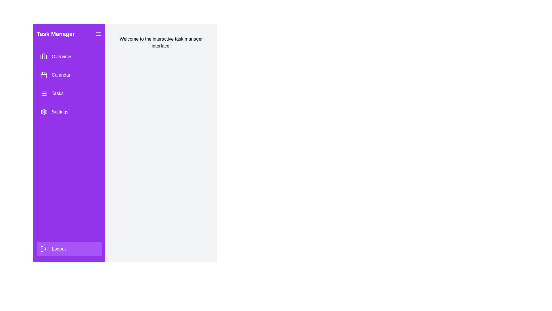 The width and height of the screenshot is (552, 311). I want to click on the menu option Tasks from the Task Management Drawer, so click(69, 93).